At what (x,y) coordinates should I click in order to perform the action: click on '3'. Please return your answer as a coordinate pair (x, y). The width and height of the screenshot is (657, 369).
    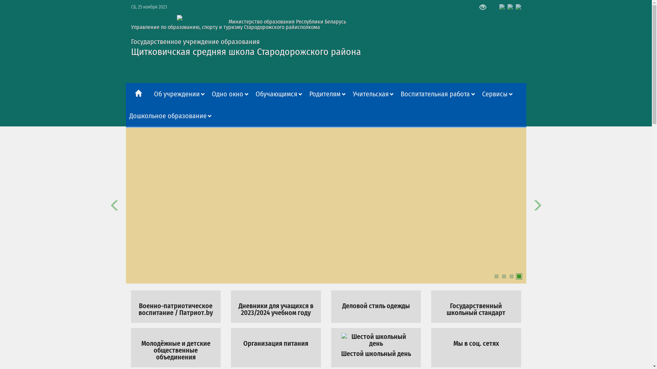
    Looking at the image, I should click on (509, 276).